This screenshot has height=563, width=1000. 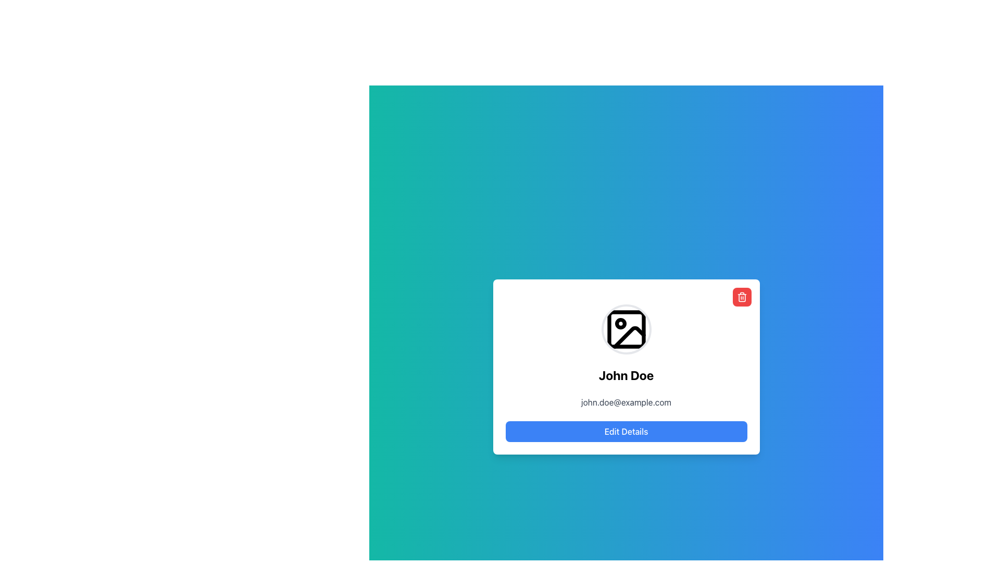 I want to click on the delete button located in the top-right corner of the user information card, which includes a profile icon and an 'Edit Details' button, so click(x=741, y=297).